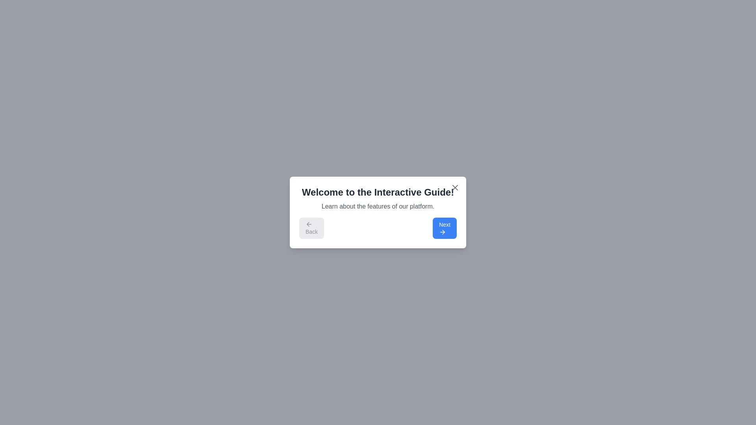 The image size is (756, 425). Describe the element at coordinates (455, 188) in the screenshot. I see `the close button represented by an 'X' icon to change its color to red` at that location.